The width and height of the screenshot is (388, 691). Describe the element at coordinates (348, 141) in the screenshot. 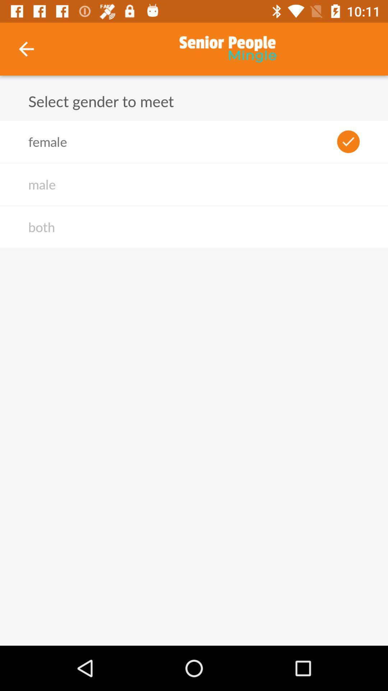

I see `the icon next to female` at that location.